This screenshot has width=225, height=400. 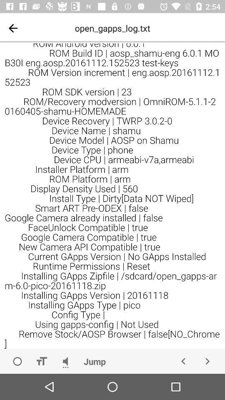 What do you see at coordinates (65, 361) in the screenshot?
I see `volume control` at bounding box center [65, 361].